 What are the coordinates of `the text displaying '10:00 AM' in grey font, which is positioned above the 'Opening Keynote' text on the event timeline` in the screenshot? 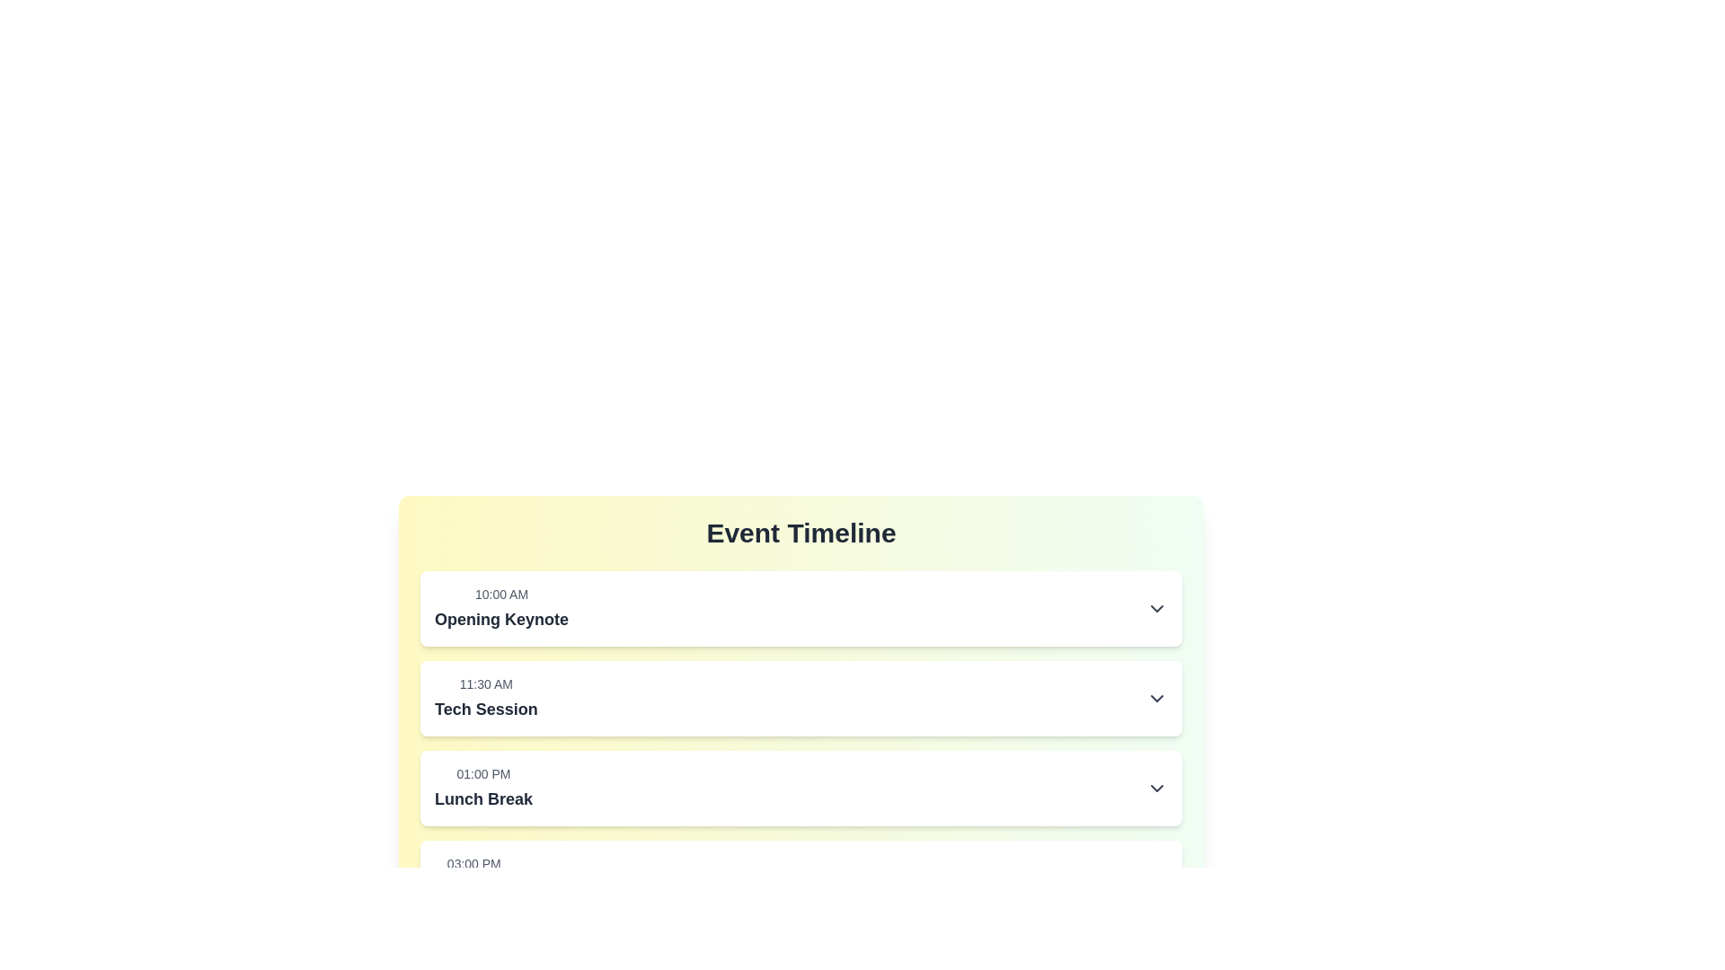 It's located at (501, 595).